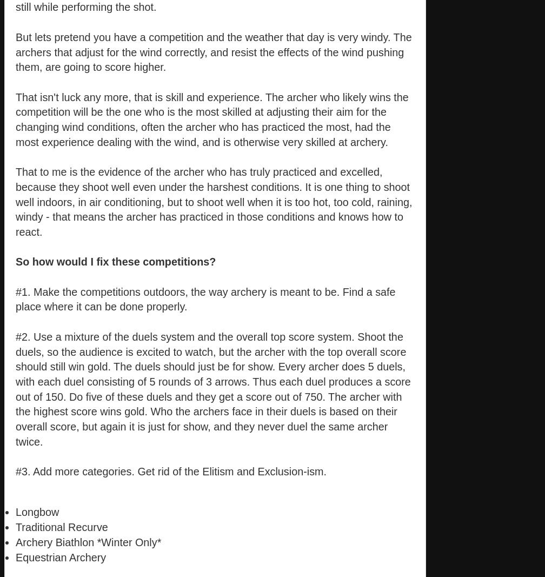 Image resolution: width=545 pixels, height=577 pixels. I want to click on '#2. Use a mixture of the duels system and the overall top score system. Shoot the duels, so the audience is excited to watch, but the archer with the top overall score should still win gold. The duels should just be for show. Every archer does 5 duels, with each duel consisting of 5 rounds of 3 arrows. Thus each duel produces a score out of 150. Do five of these duels and they get a score out of 750. The archer with the highest score wins gold. Who the archers face in their duels is based on their overall score, but again it is just for show, and they never duel the same archer twice.', so click(213, 388).